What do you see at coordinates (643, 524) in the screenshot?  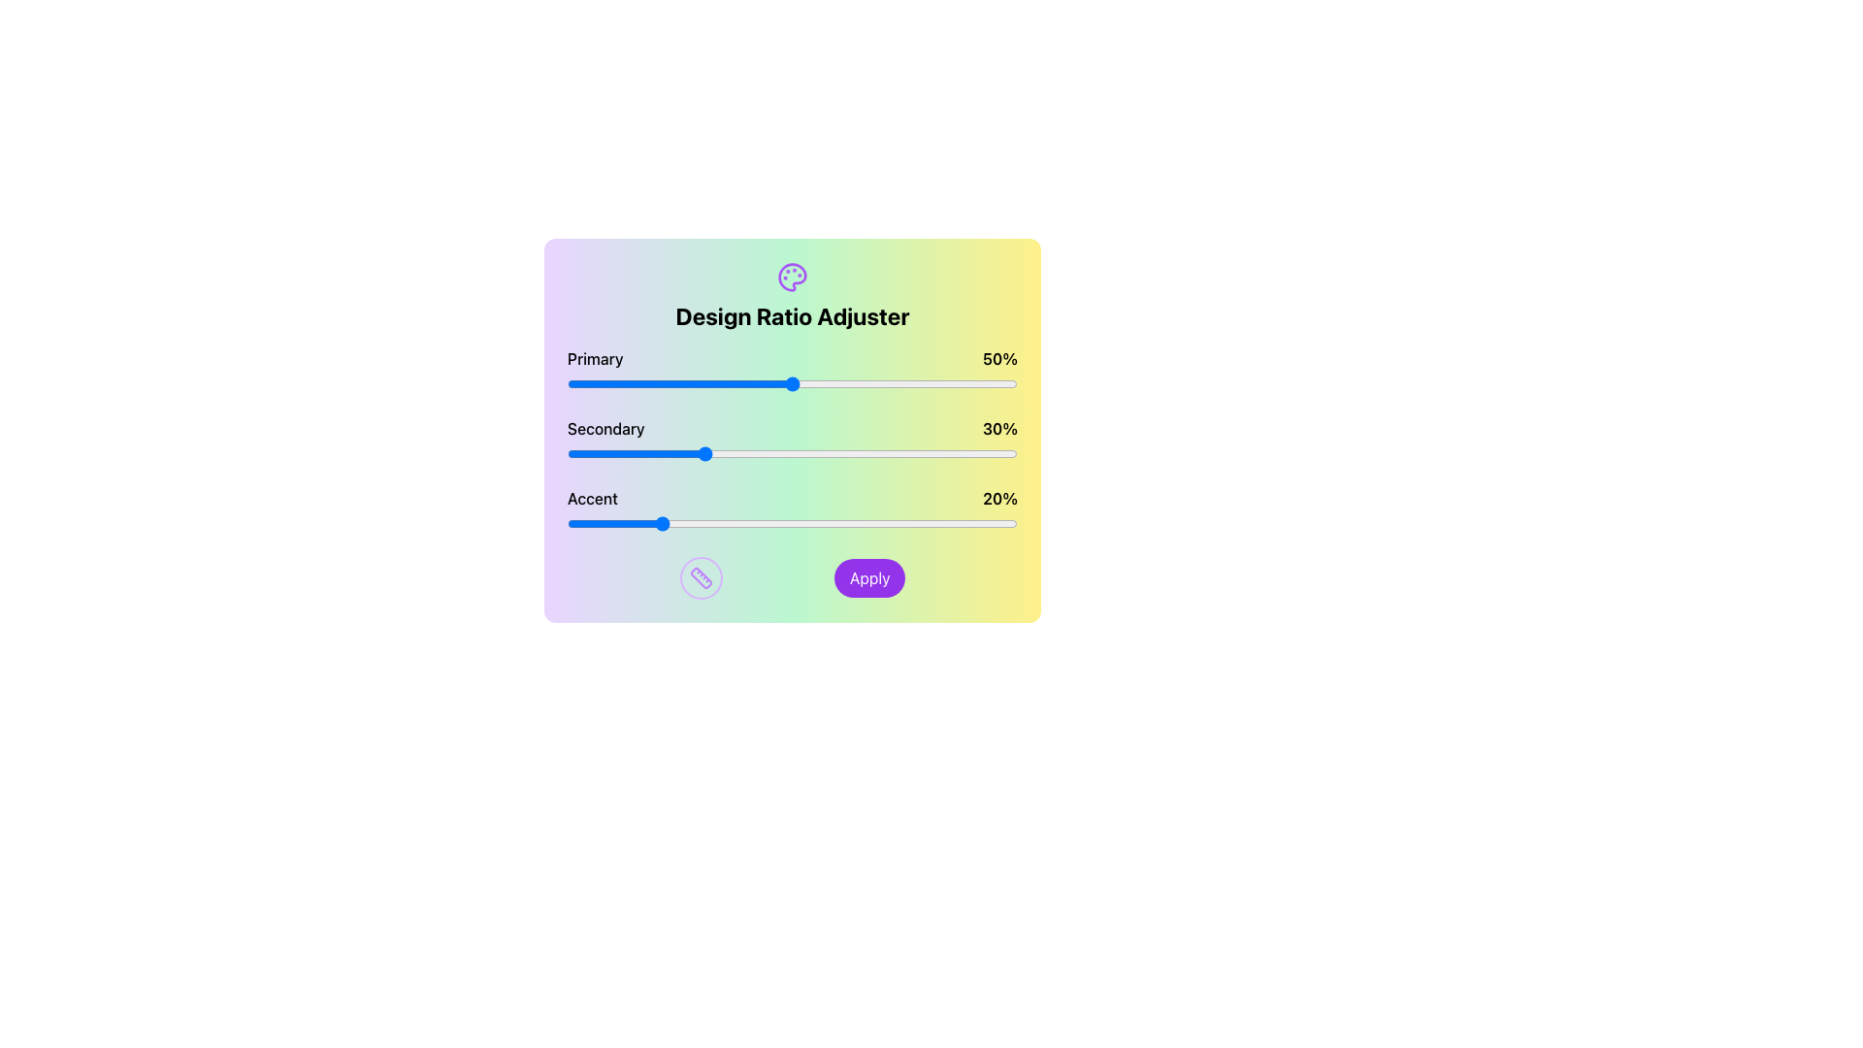 I see `the accent ratio` at bounding box center [643, 524].